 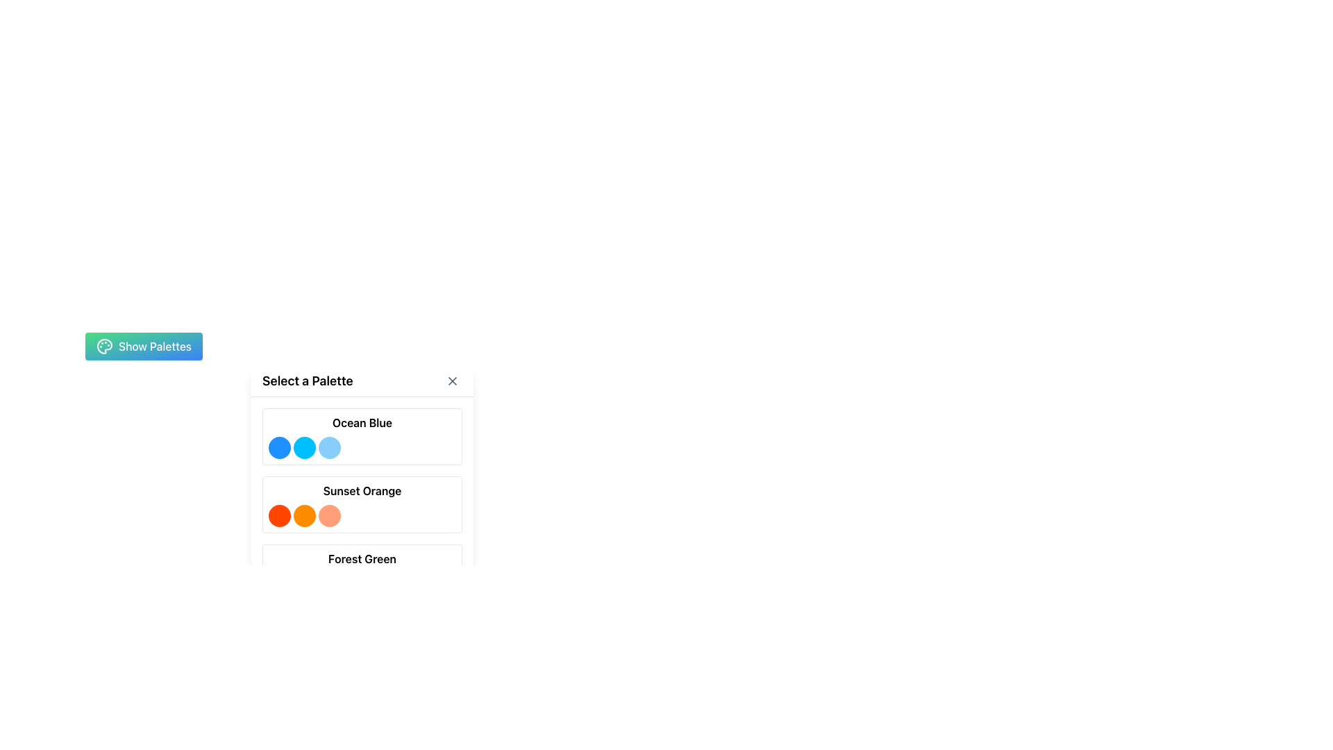 What do you see at coordinates (303, 447) in the screenshot?
I see `the second decorative circular element in the 'Ocean Blue' palette group, which represents a specific shade but is not interactive` at bounding box center [303, 447].